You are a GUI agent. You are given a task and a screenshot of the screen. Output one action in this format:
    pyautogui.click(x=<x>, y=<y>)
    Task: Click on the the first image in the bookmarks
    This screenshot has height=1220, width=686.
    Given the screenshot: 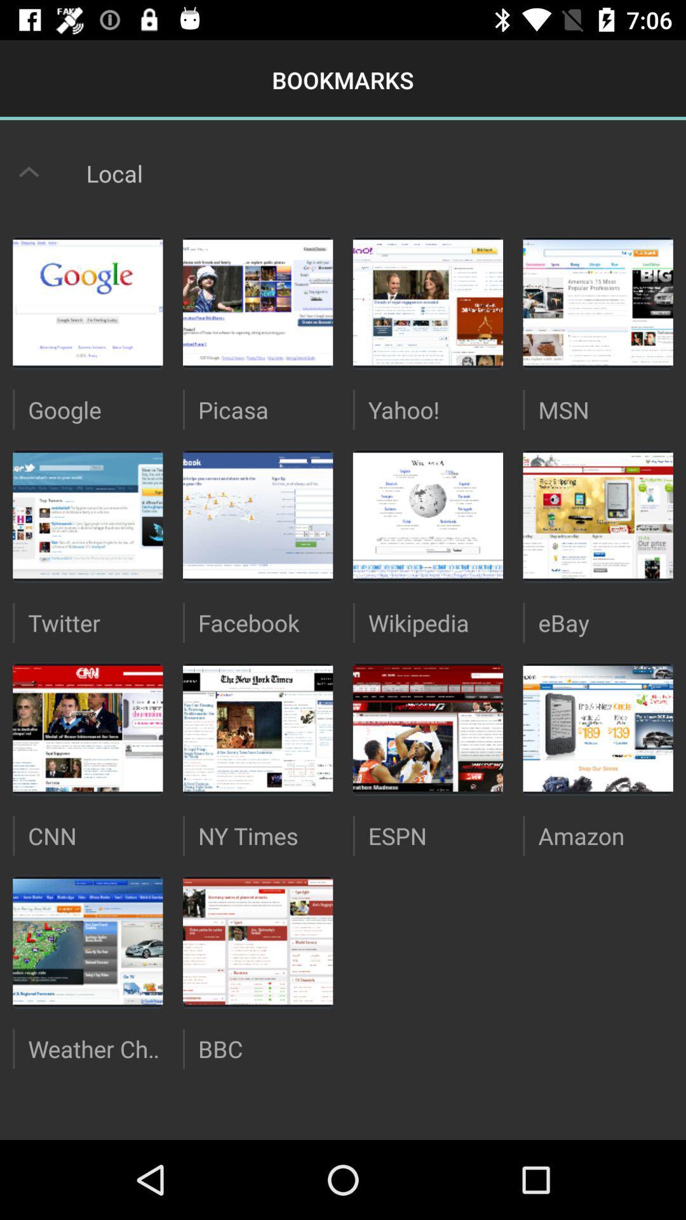 What is the action you would take?
    pyautogui.click(x=87, y=302)
    